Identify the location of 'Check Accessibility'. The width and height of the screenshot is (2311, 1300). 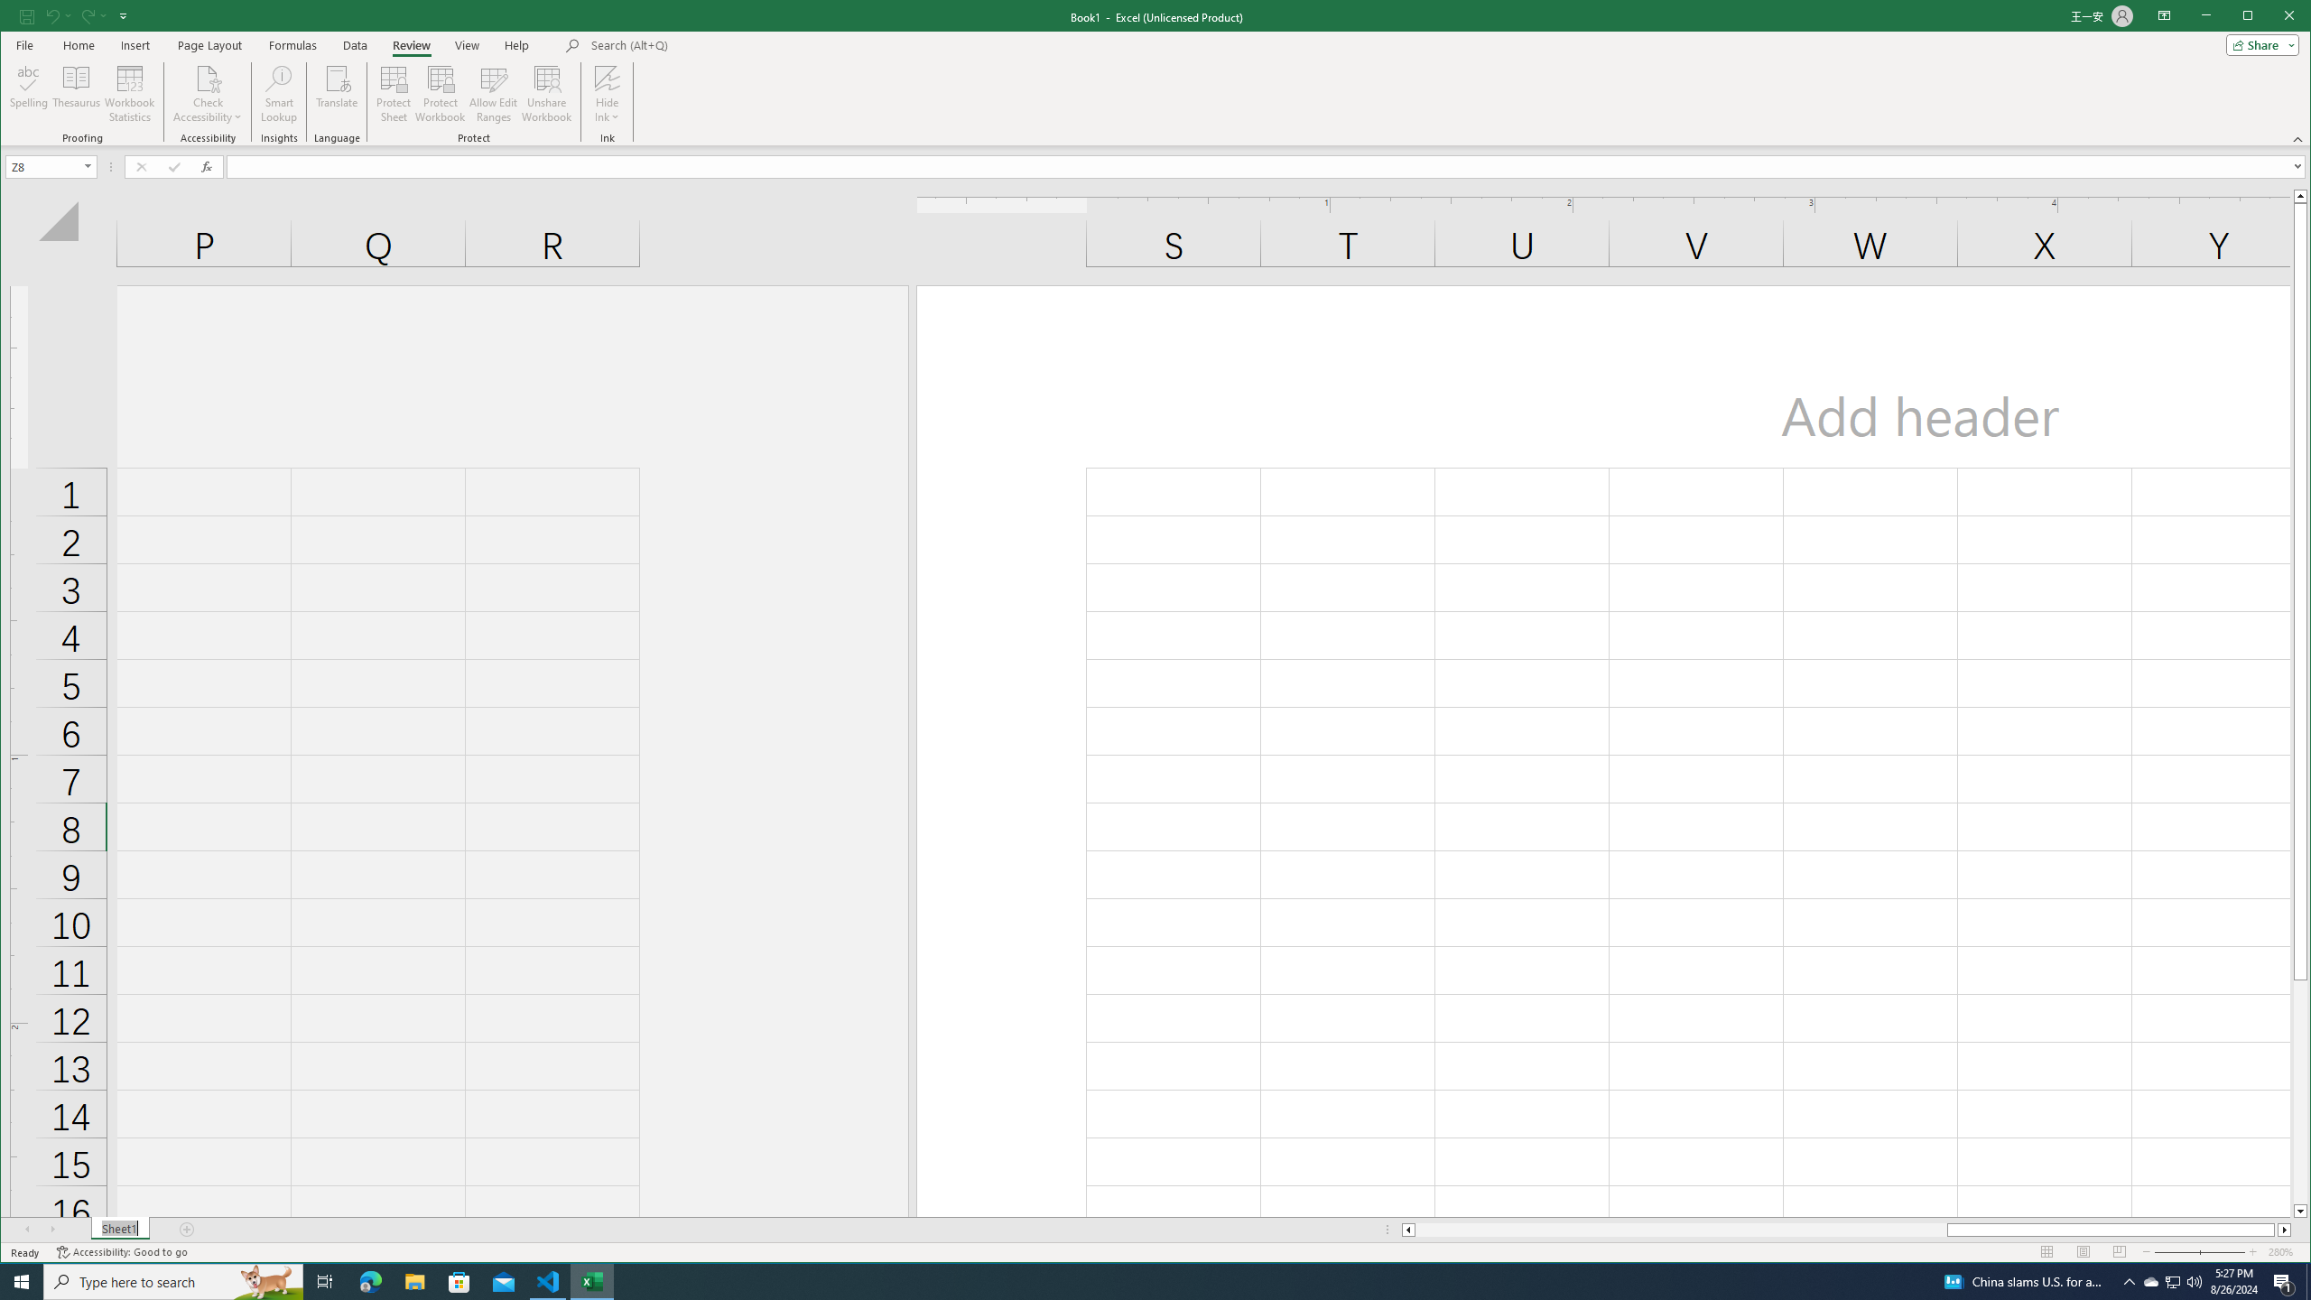
(207, 93).